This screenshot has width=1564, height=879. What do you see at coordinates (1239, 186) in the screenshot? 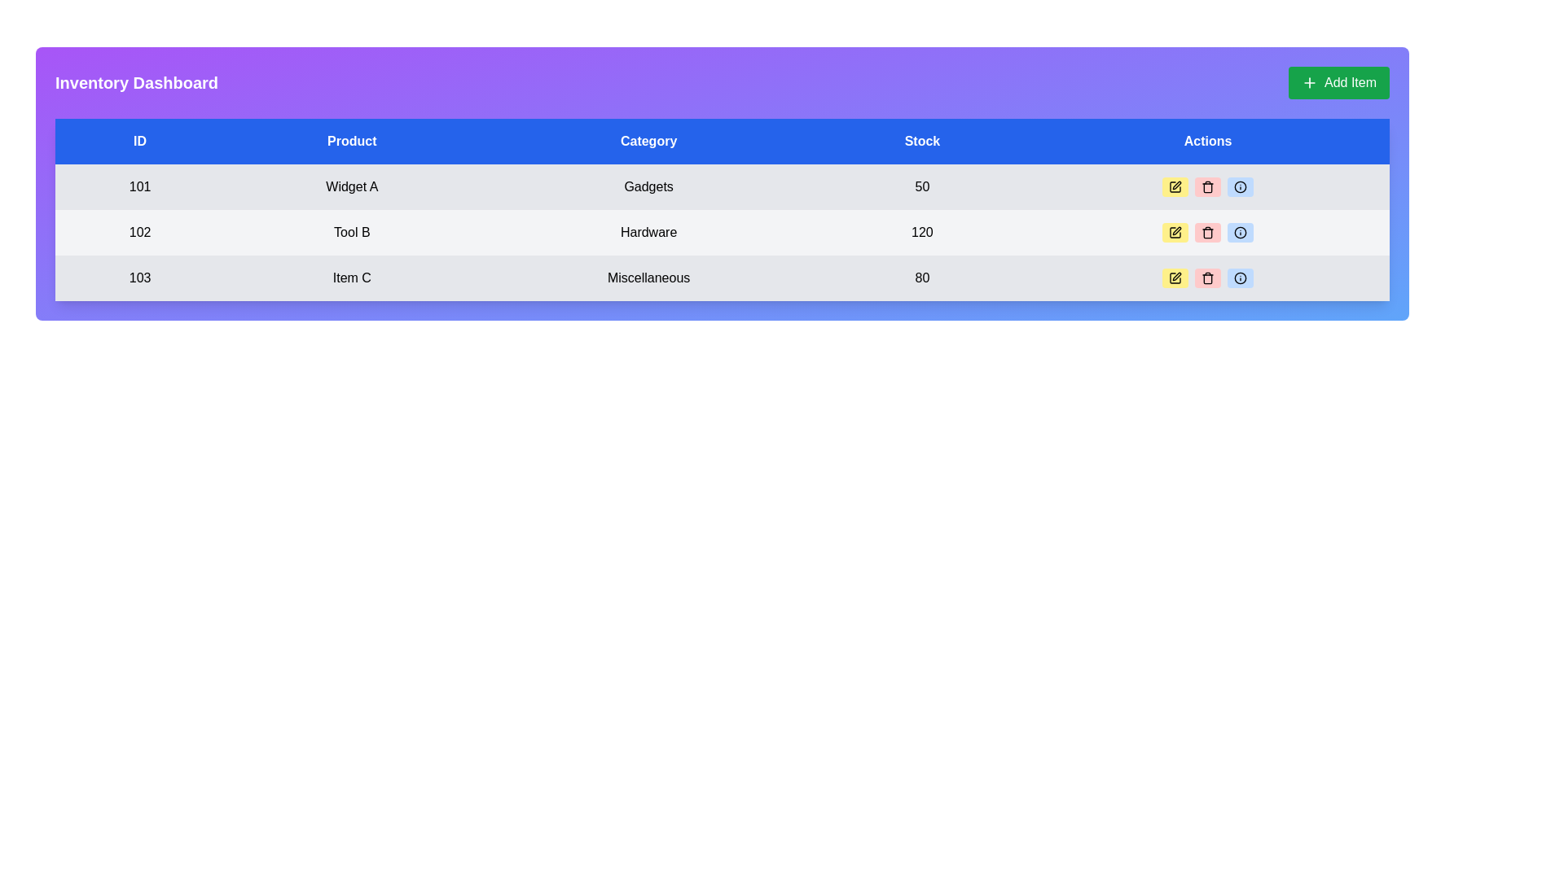
I see `the icon button in the 'Actions' column of the third row for item ID 103 to retrieve more information` at bounding box center [1239, 186].